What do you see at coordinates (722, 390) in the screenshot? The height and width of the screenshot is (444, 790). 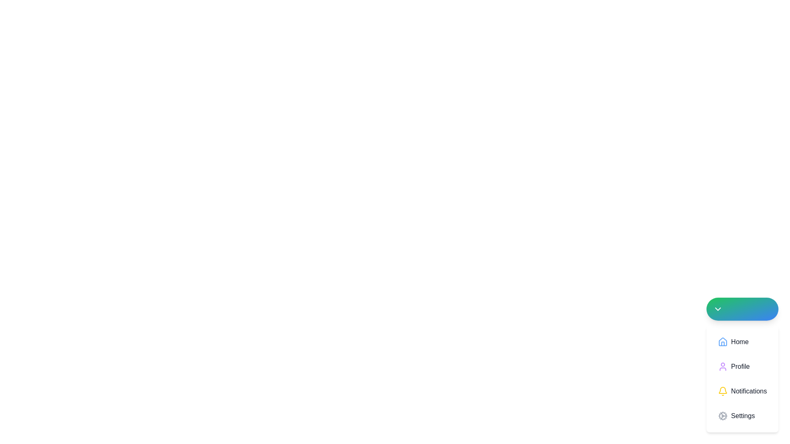 I see `the yellow bell icon in the vertical menu` at bounding box center [722, 390].